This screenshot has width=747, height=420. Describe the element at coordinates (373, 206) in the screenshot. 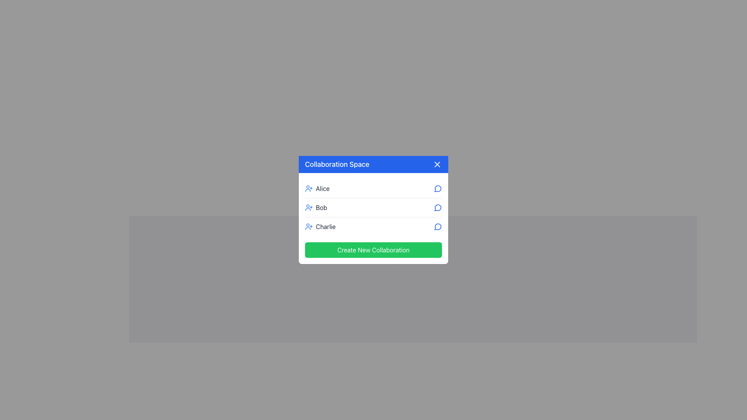

I see `the second row of the list item, which is located directly below 'Alice' and above 'Charlie'` at that location.